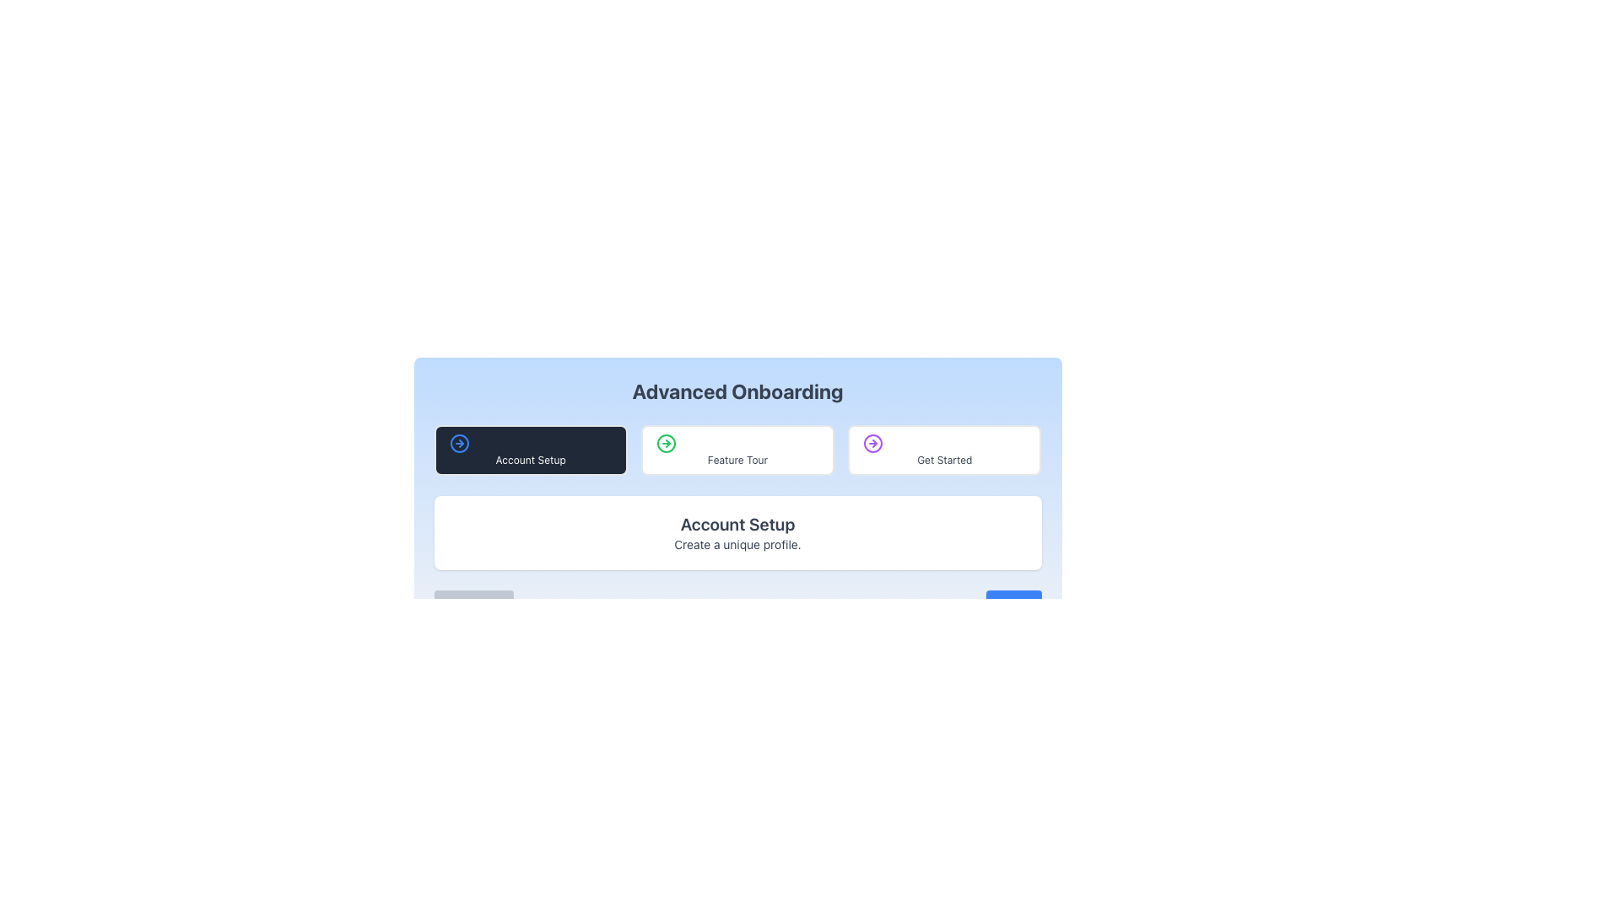 This screenshot has height=911, width=1620. What do you see at coordinates (459, 442) in the screenshot?
I see `the circular icon with a right-pointing arrow, which is located on the left side of the 'Account Setup' button` at bounding box center [459, 442].